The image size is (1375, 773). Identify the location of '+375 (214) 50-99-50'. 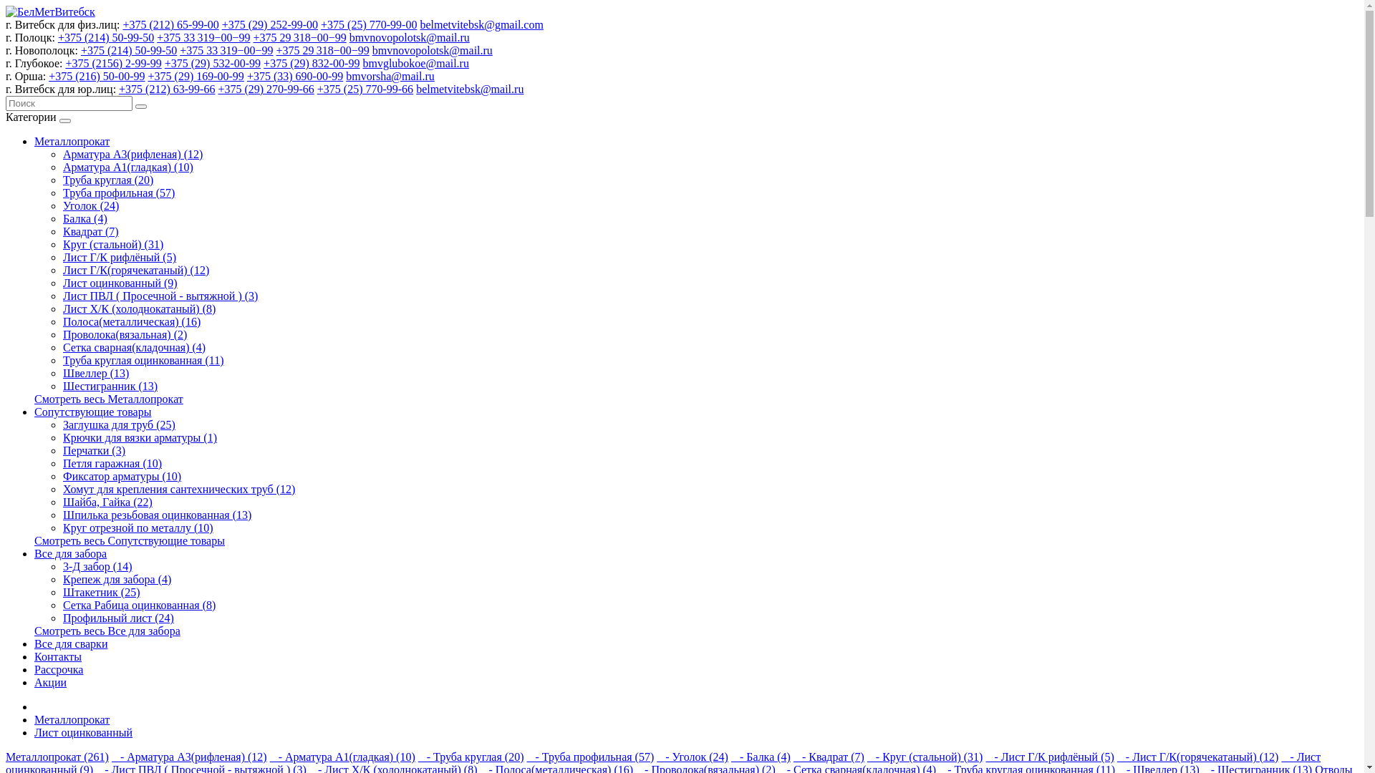
(105, 37).